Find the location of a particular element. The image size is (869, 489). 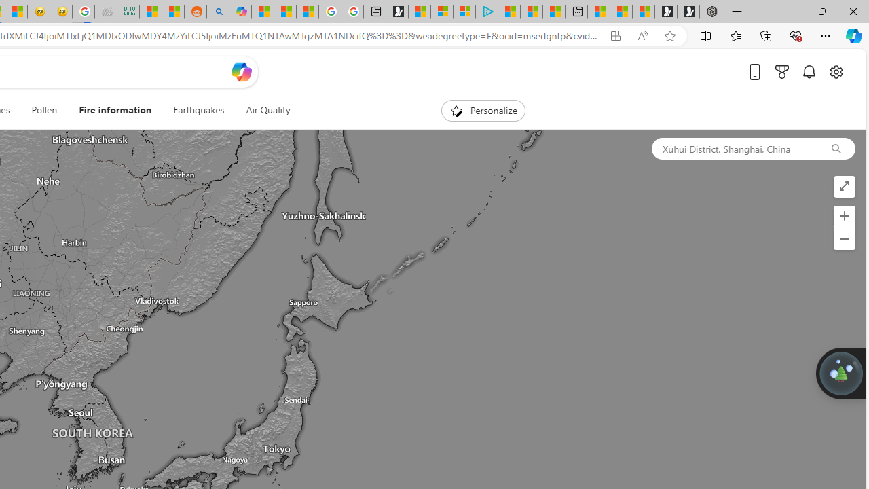

'App available. Install Microsoft Start Weather' is located at coordinates (614, 35).